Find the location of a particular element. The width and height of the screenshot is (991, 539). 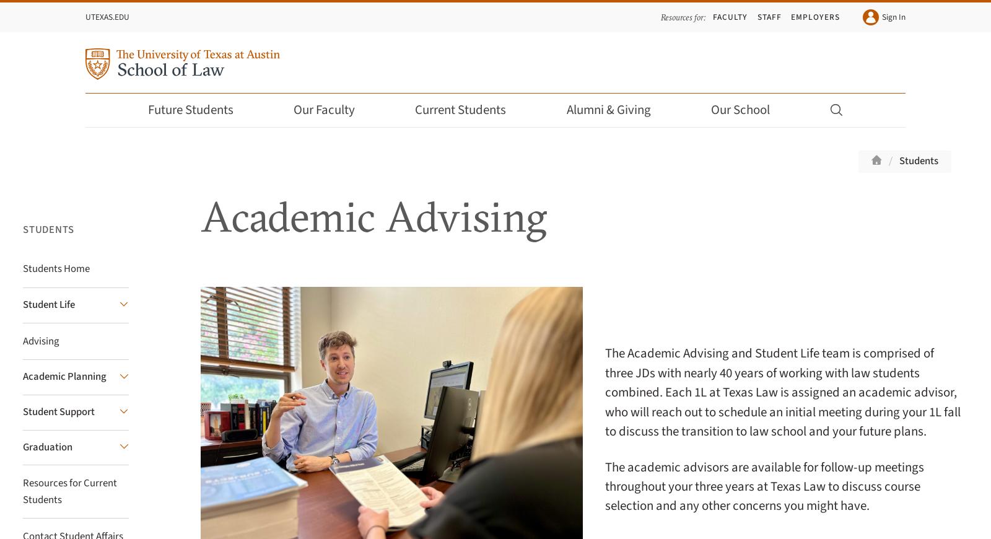

'Our Faculty' is located at coordinates (323, 109).